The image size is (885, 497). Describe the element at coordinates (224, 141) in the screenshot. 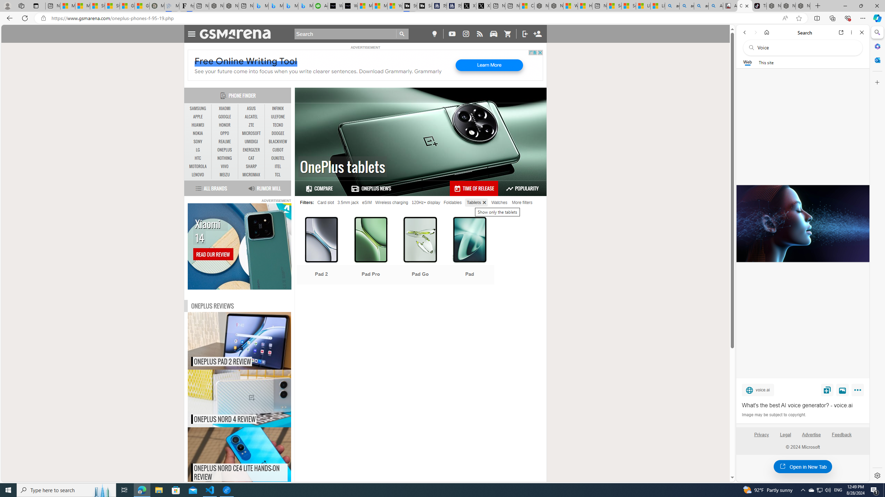

I see `'REALME'` at that location.